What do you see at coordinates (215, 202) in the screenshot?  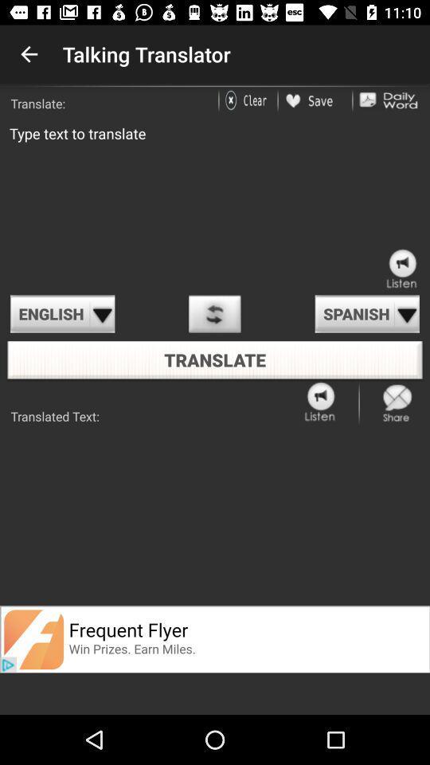 I see `type text` at bounding box center [215, 202].